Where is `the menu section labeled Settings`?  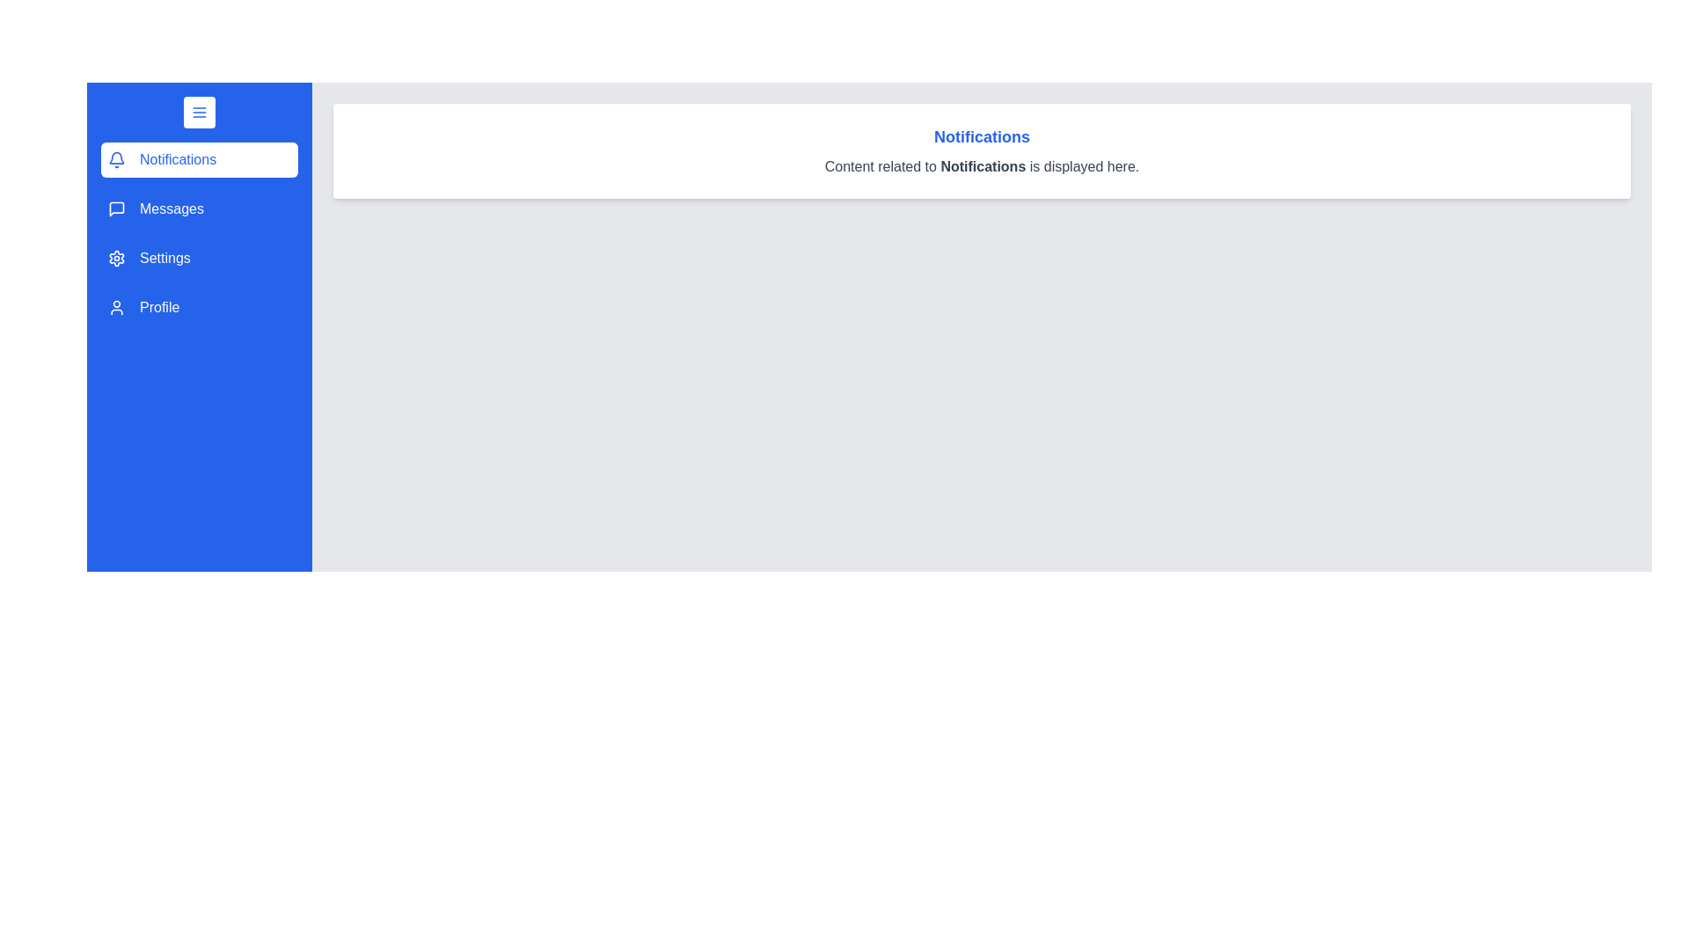 the menu section labeled Settings is located at coordinates (199, 258).